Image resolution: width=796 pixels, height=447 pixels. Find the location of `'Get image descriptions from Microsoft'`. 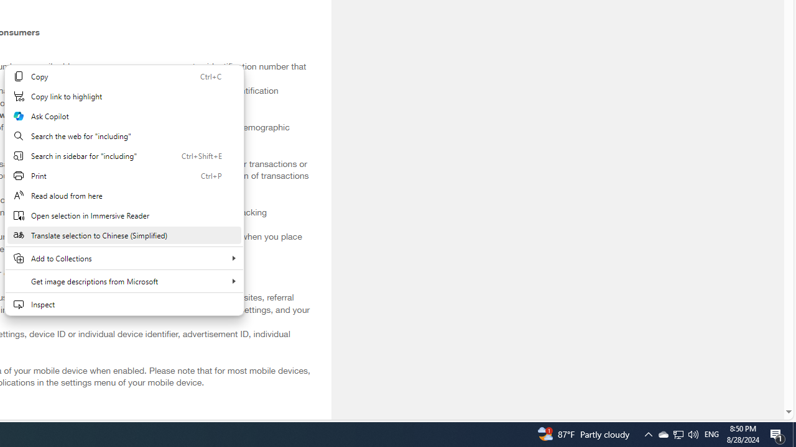

'Get image descriptions from Microsoft' is located at coordinates (124, 281).